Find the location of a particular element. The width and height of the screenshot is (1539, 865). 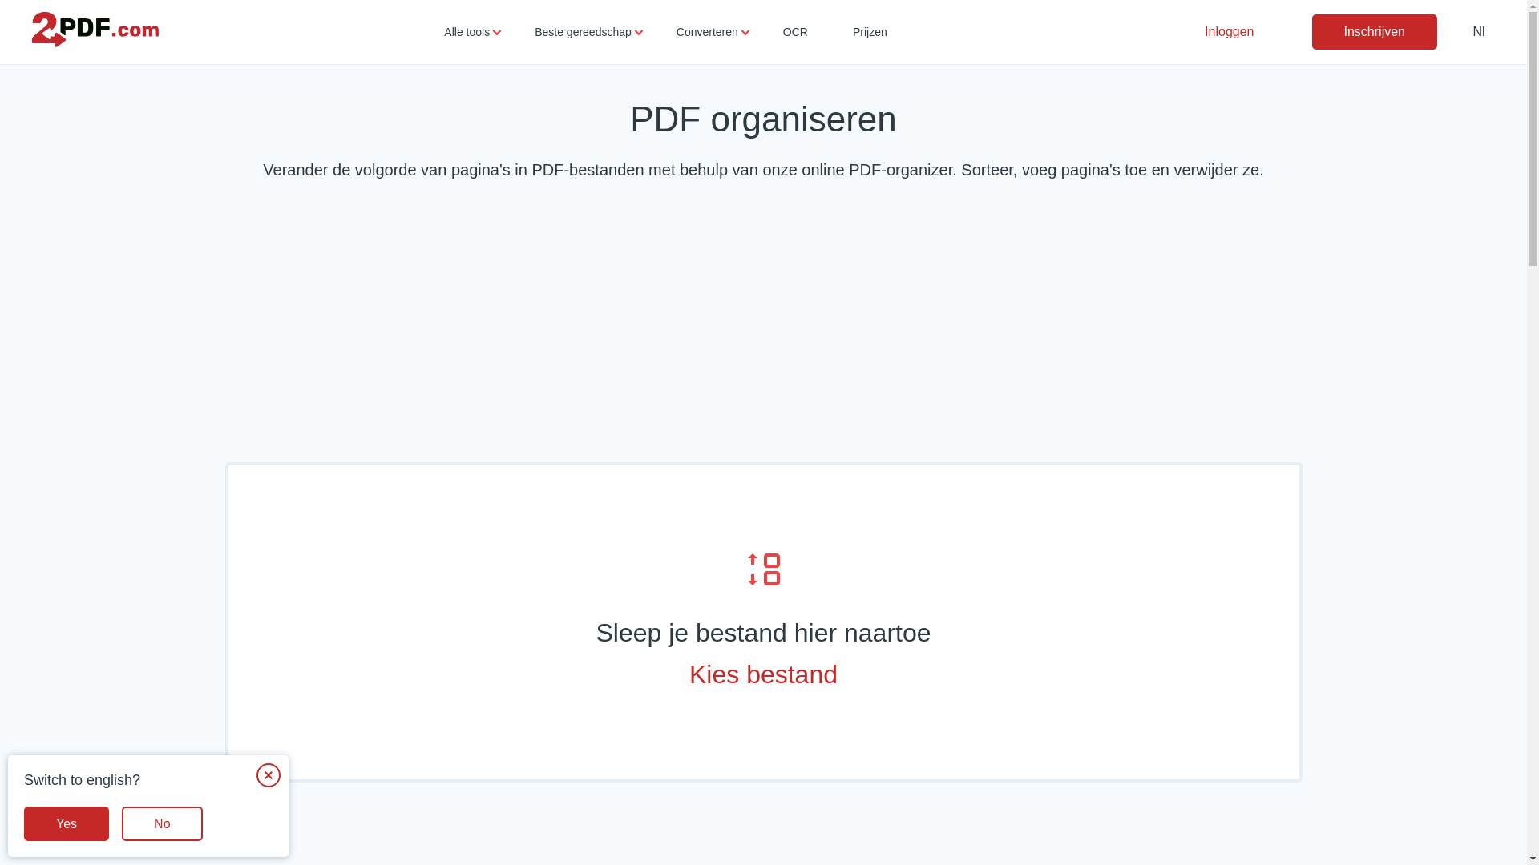

'No' is located at coordinates (121, 823).